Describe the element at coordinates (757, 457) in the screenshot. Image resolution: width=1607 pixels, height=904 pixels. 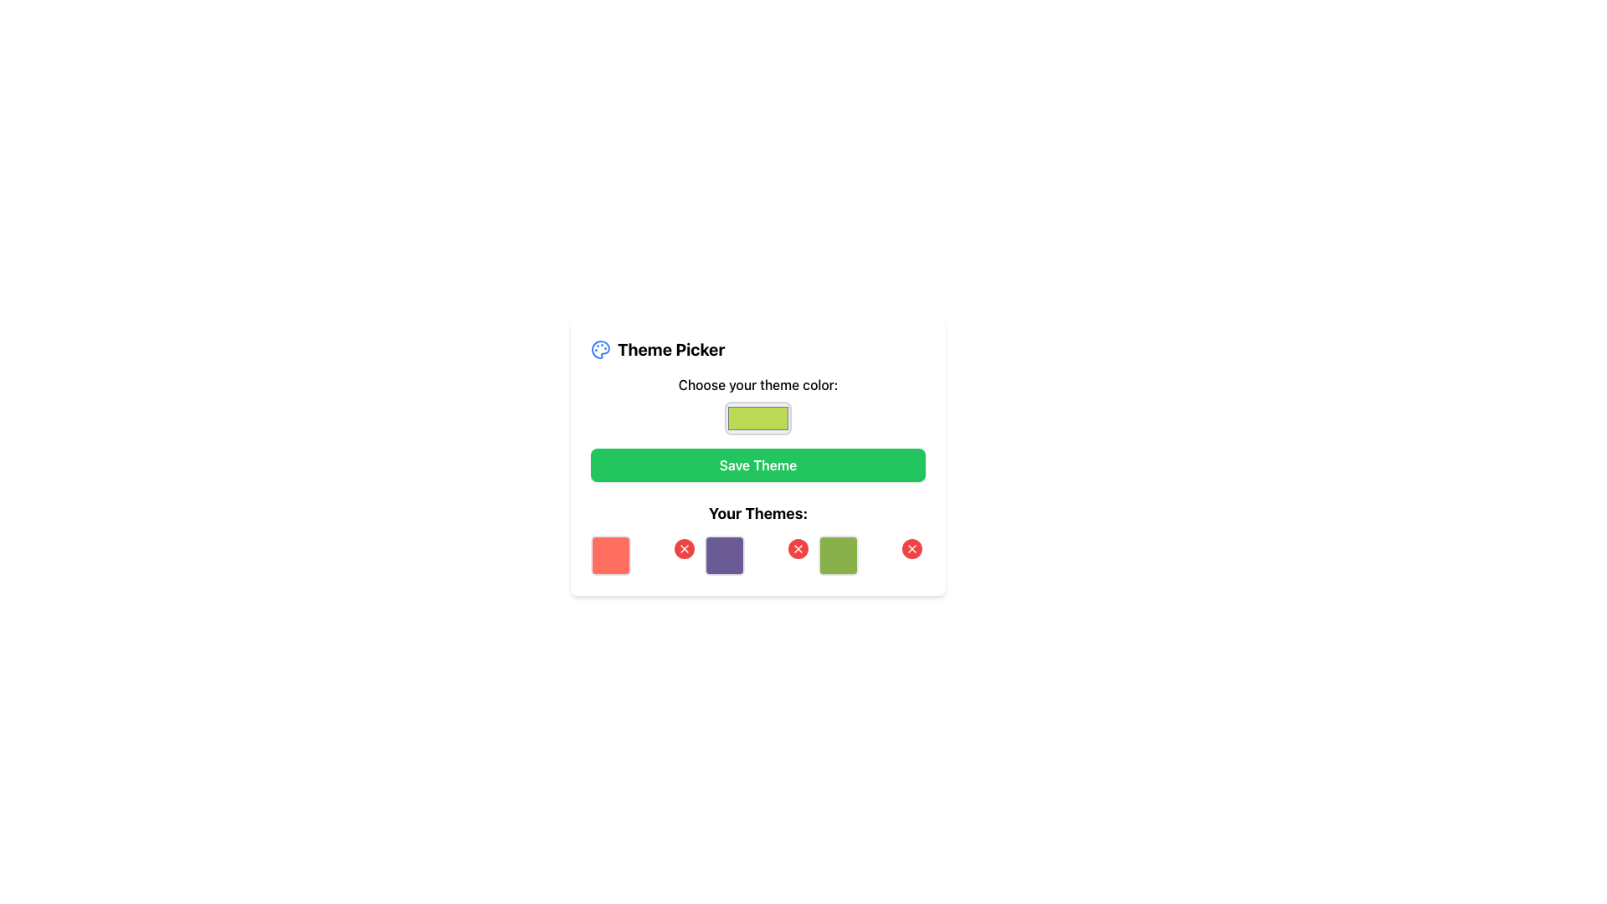
I see `the color picker within the 'Theme Picker' card UI component to choose a color` at that location.